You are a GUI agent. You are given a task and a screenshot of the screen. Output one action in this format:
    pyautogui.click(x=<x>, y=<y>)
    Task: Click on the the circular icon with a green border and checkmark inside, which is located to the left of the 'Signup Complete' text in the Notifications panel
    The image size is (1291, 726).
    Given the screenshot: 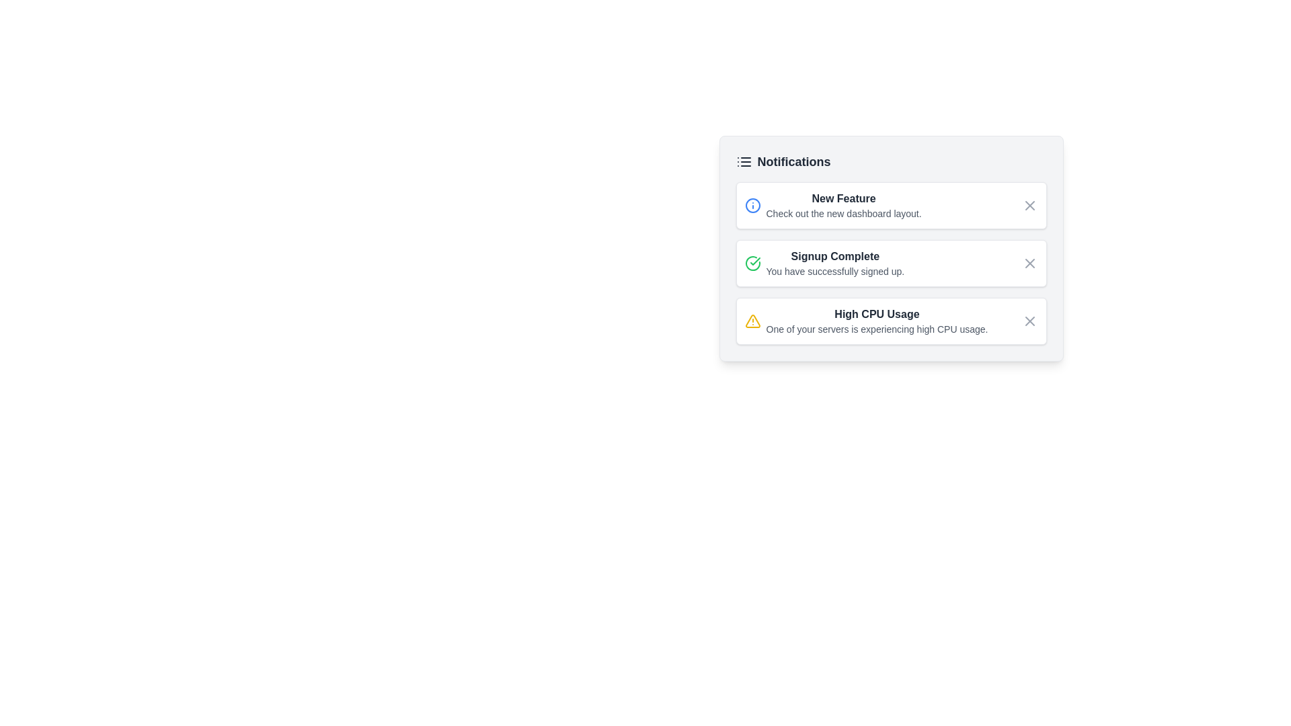 What is the action you would take?
    pyautogui.click(x=752, y=264)
    